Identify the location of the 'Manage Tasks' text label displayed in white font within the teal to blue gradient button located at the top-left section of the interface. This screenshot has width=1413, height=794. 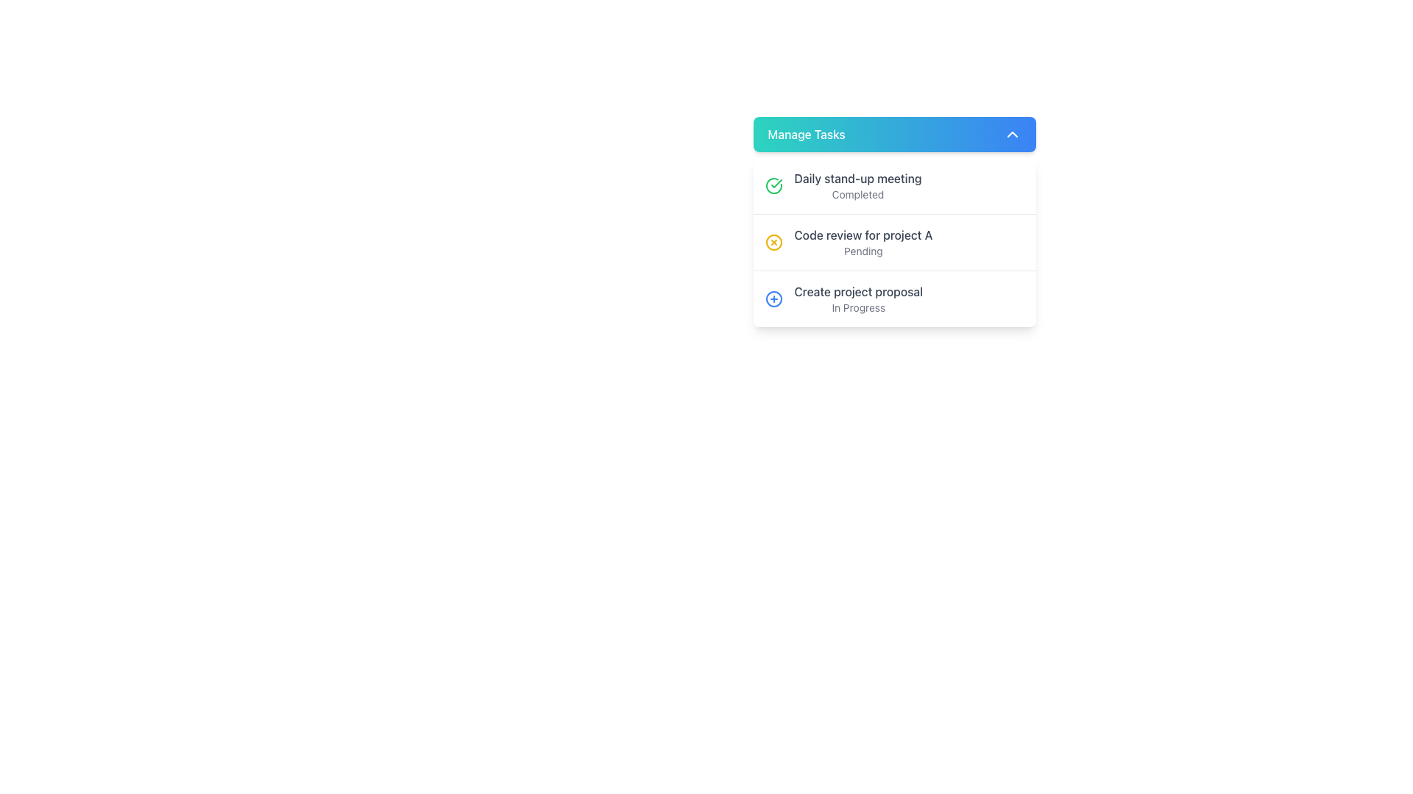
(806, 134).